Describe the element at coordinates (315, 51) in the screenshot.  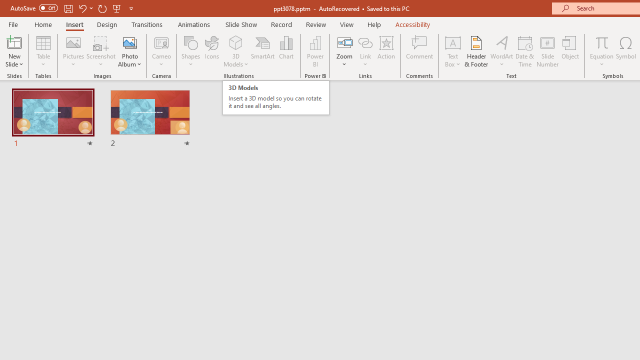
I see `'Power BI'` at that location.